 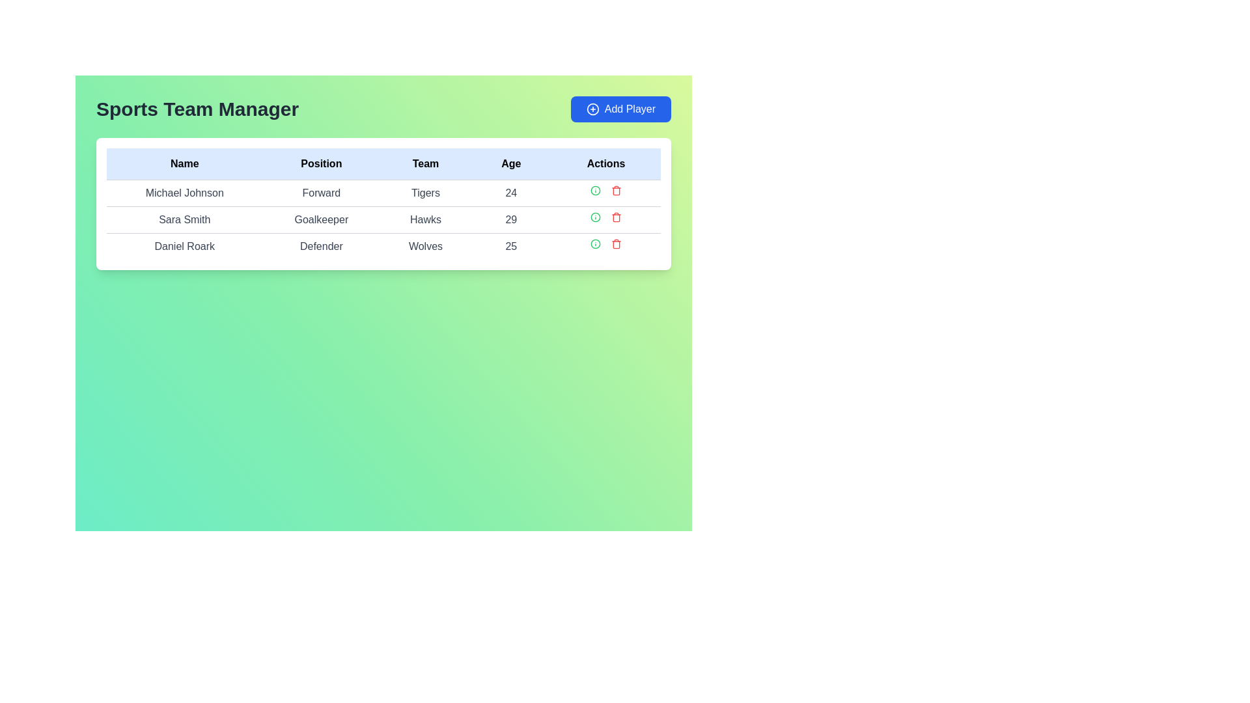 What do you see at coordinates (184, 219) in the screenshot?
I see `the Text label displaying 'Sara Smith', which is the second entry in the 'Name' column of the table, aligned with the 'Goalkeeper' entry in the 'Position' column` at bounding box center [184, 219].